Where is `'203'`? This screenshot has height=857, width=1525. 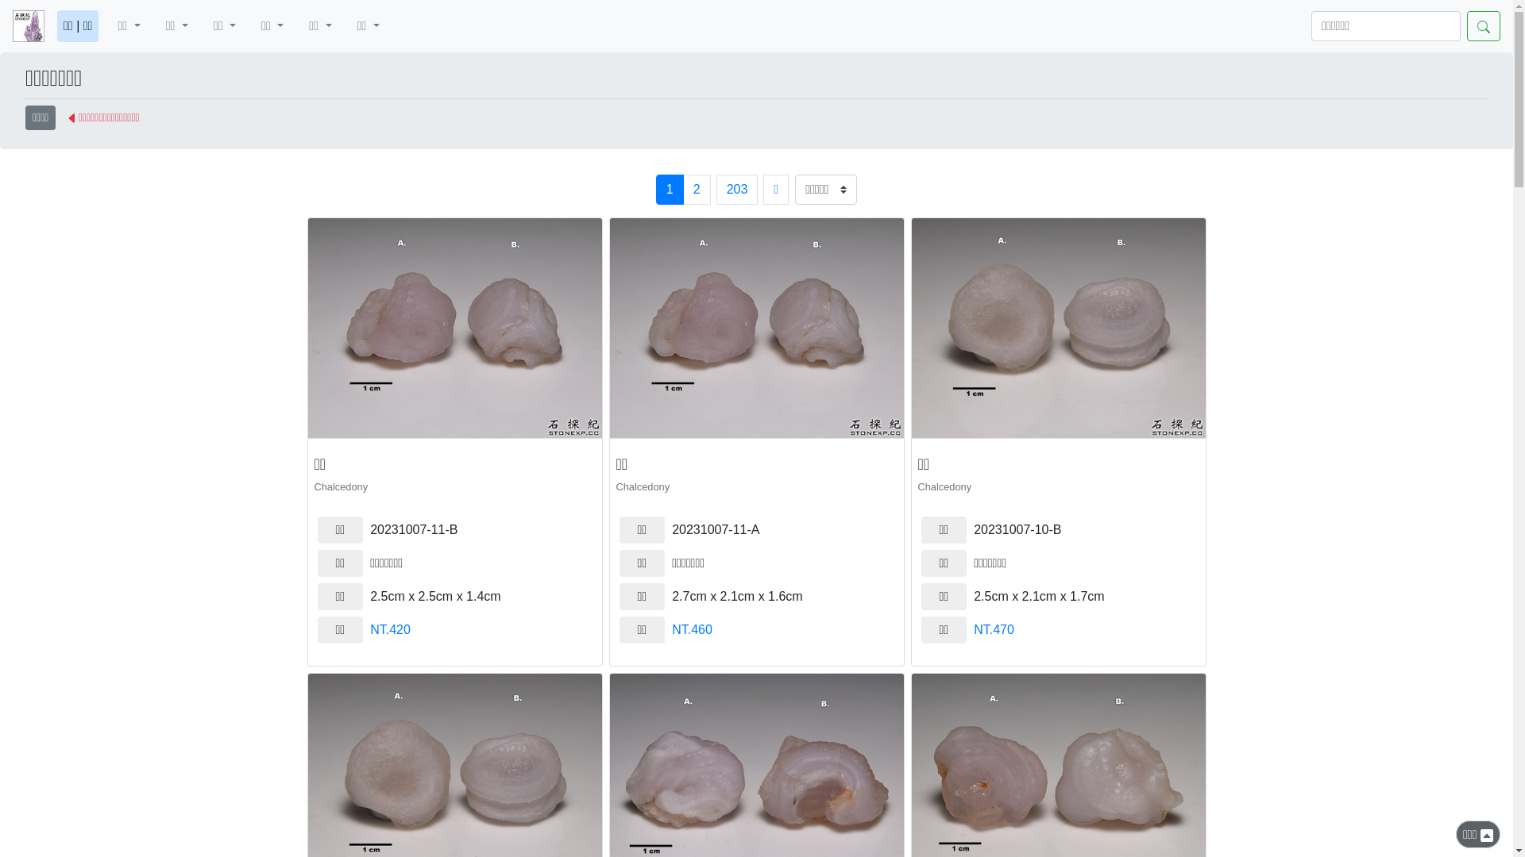 '203' is located at coordinates (716, 189).